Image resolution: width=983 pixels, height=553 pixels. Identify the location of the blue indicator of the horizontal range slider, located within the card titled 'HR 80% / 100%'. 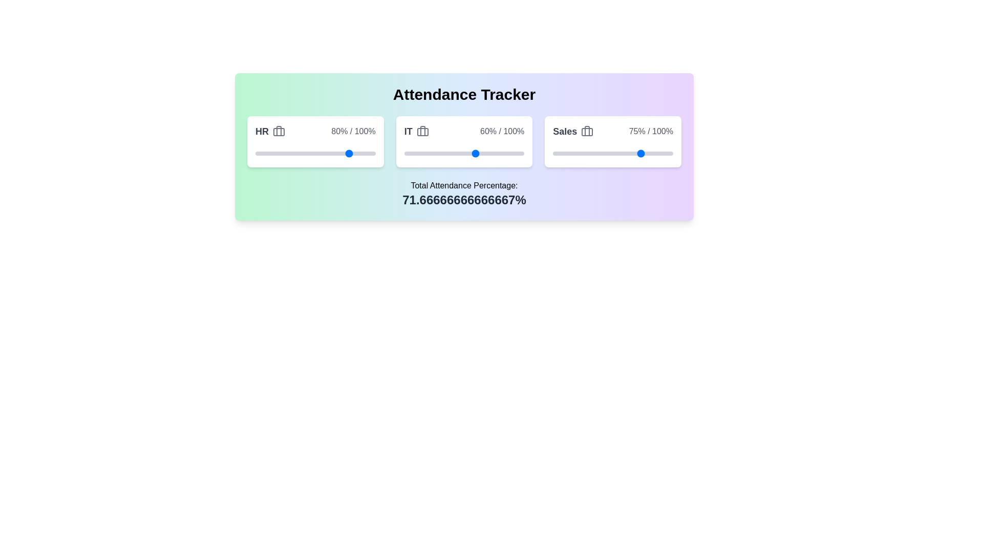
(315, 154).